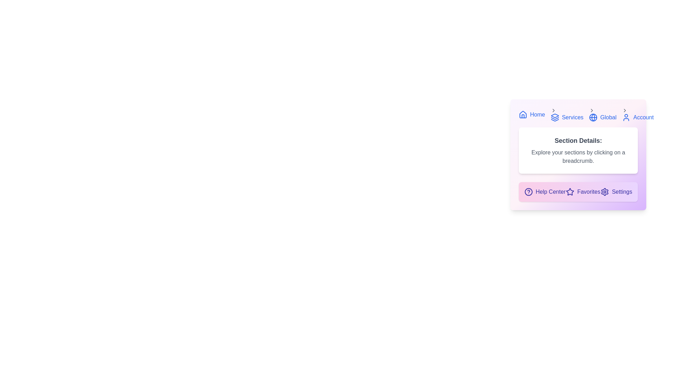 This screenshot has width=674, height=379. I want to click on the icon that resembles layered geometry in the breadcrumb navigation, located between the 'Home' icon and the 'Services' text label, so click(554, 115).